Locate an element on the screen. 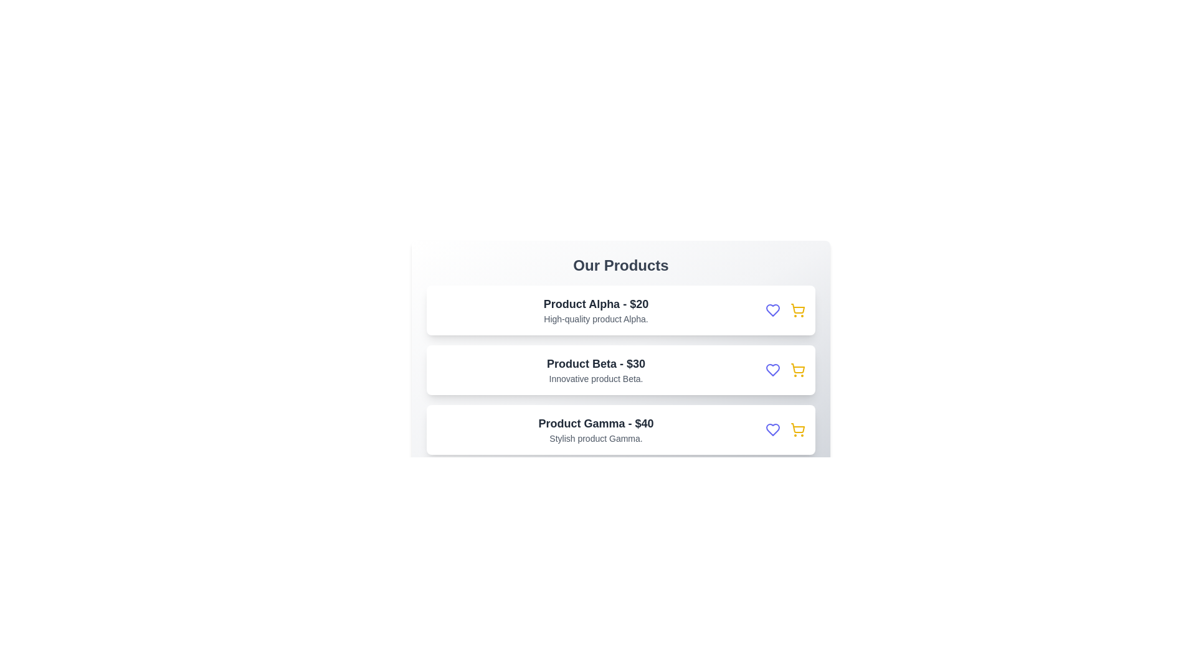 Image resolution: width=1196 pixels, height=672 pixels. the add-to-cart button for Product Gamma is located at coordinates (798, 429).